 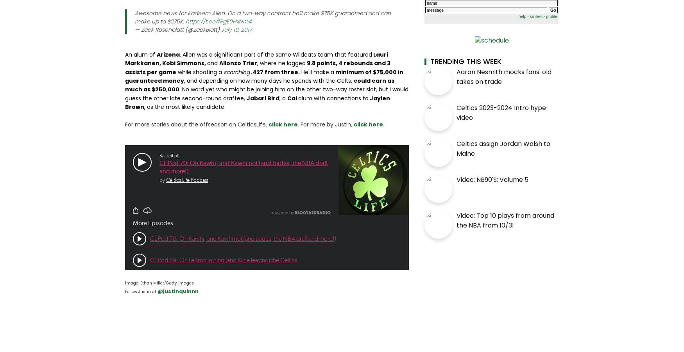 What do you see at coordinates (298, 98) in the screenshot?
I see `'alum with connections to'` at bounding box center [298, 98].